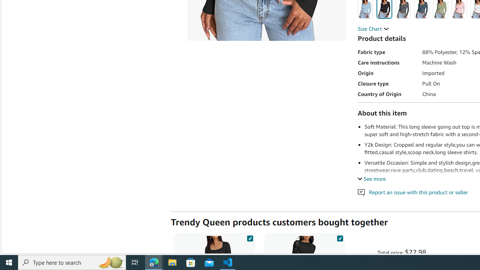 Image resolution: width=480 pixels, height=270 pixels. I want to click on 'Size Chart ', so click(373, 28).